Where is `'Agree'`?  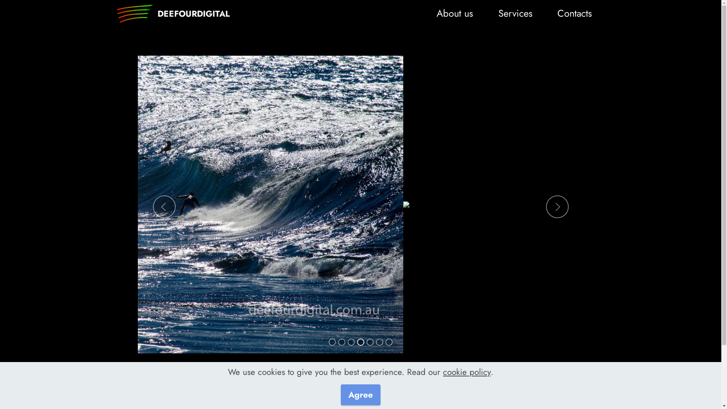 'Agree' is located at coordinates (360, 394).